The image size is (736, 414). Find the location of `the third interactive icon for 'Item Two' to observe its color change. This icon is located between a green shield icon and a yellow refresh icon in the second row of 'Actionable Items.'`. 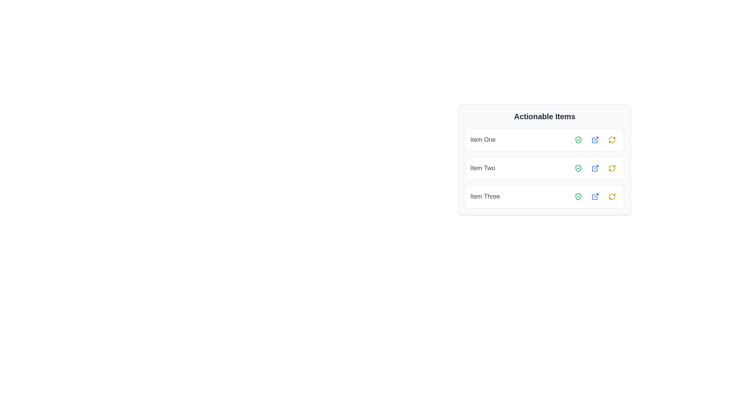

the third interactive icon for 'Item Two' to observe its color change. This icon is located between a green shield icon and a yellow refresh icon in the second row of 'Actionable Items.' is located at coordinates (595, 168).